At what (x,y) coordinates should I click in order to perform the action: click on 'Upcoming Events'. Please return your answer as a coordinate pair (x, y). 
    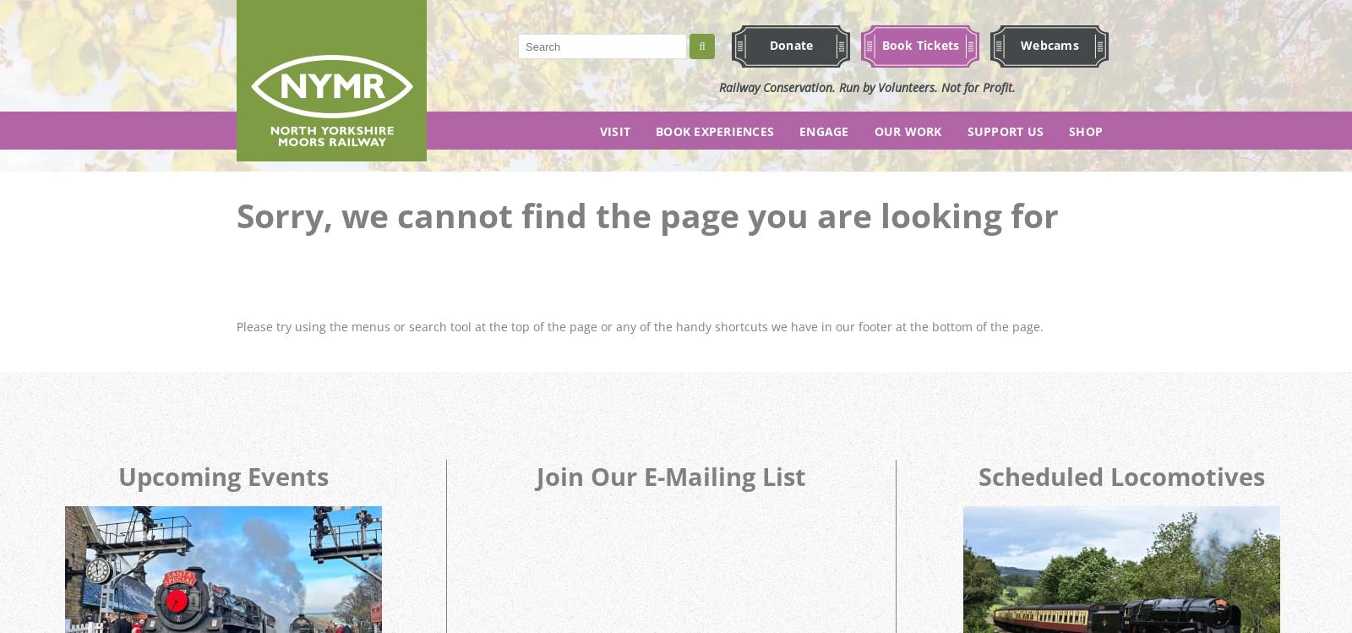
    Looking at the image, I should click on (117, 476).